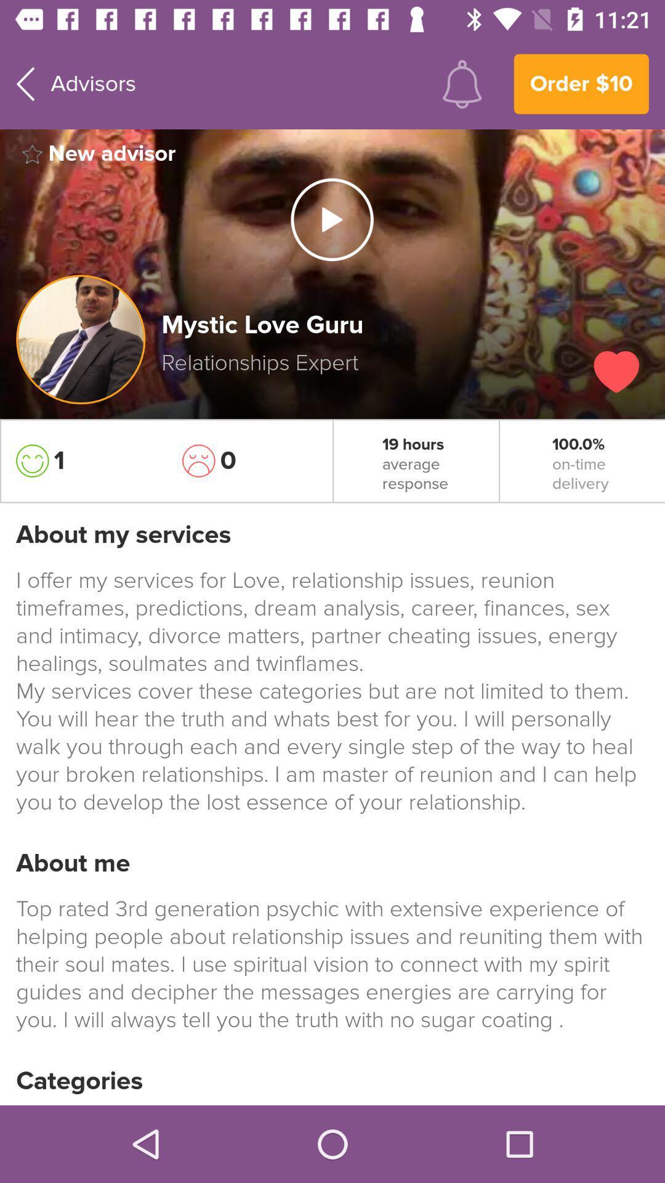  I want to click on the order $10 item, so click(581, 83).